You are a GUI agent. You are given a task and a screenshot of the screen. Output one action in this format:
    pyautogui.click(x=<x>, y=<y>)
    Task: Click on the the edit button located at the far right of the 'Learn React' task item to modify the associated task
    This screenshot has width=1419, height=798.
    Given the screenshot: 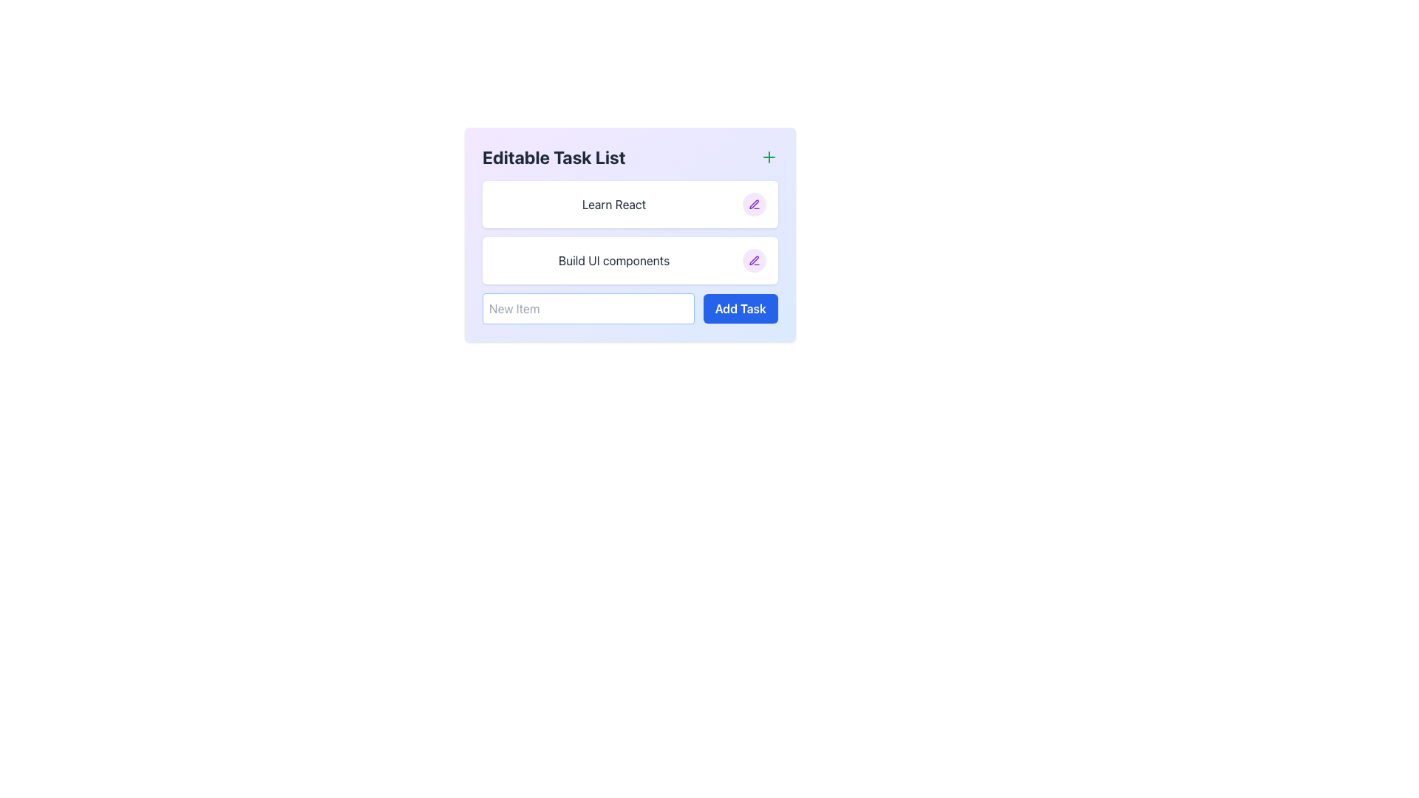 What is the action you would take?
    pyautogui.click(x=755, y=205)
    